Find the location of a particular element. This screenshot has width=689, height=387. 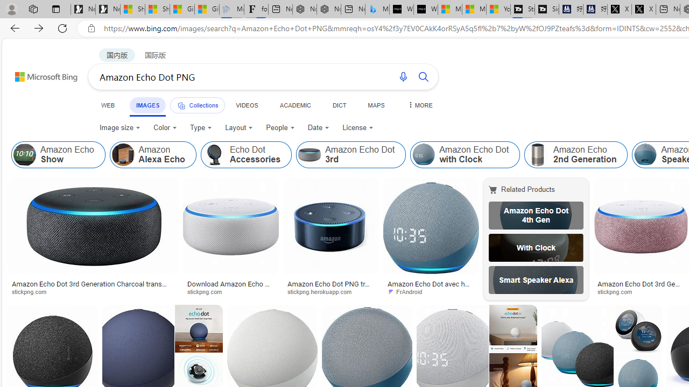

'Color' is located at coordinates (164, 127).